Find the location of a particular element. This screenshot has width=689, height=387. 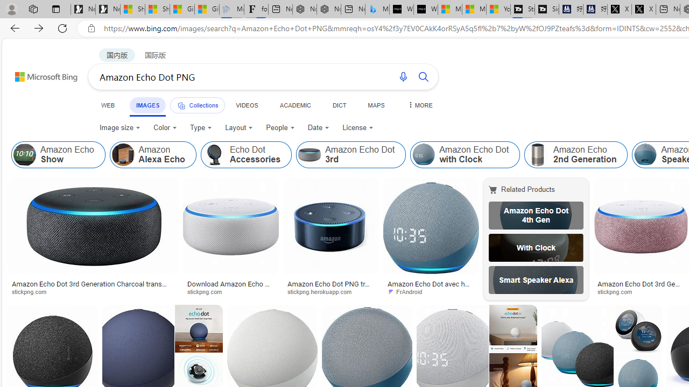

'Color' is located at coordinates (164, 127).